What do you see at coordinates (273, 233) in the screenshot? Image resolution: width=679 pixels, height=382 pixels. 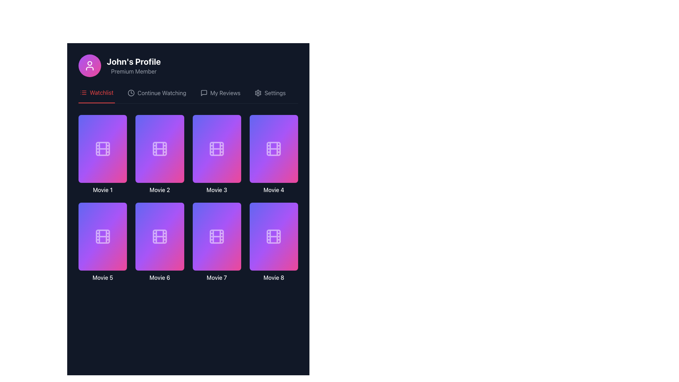 I see `the Circular play button located in the eighth movie card labeled 'Movie 8'` at bounding box center [273, 233].